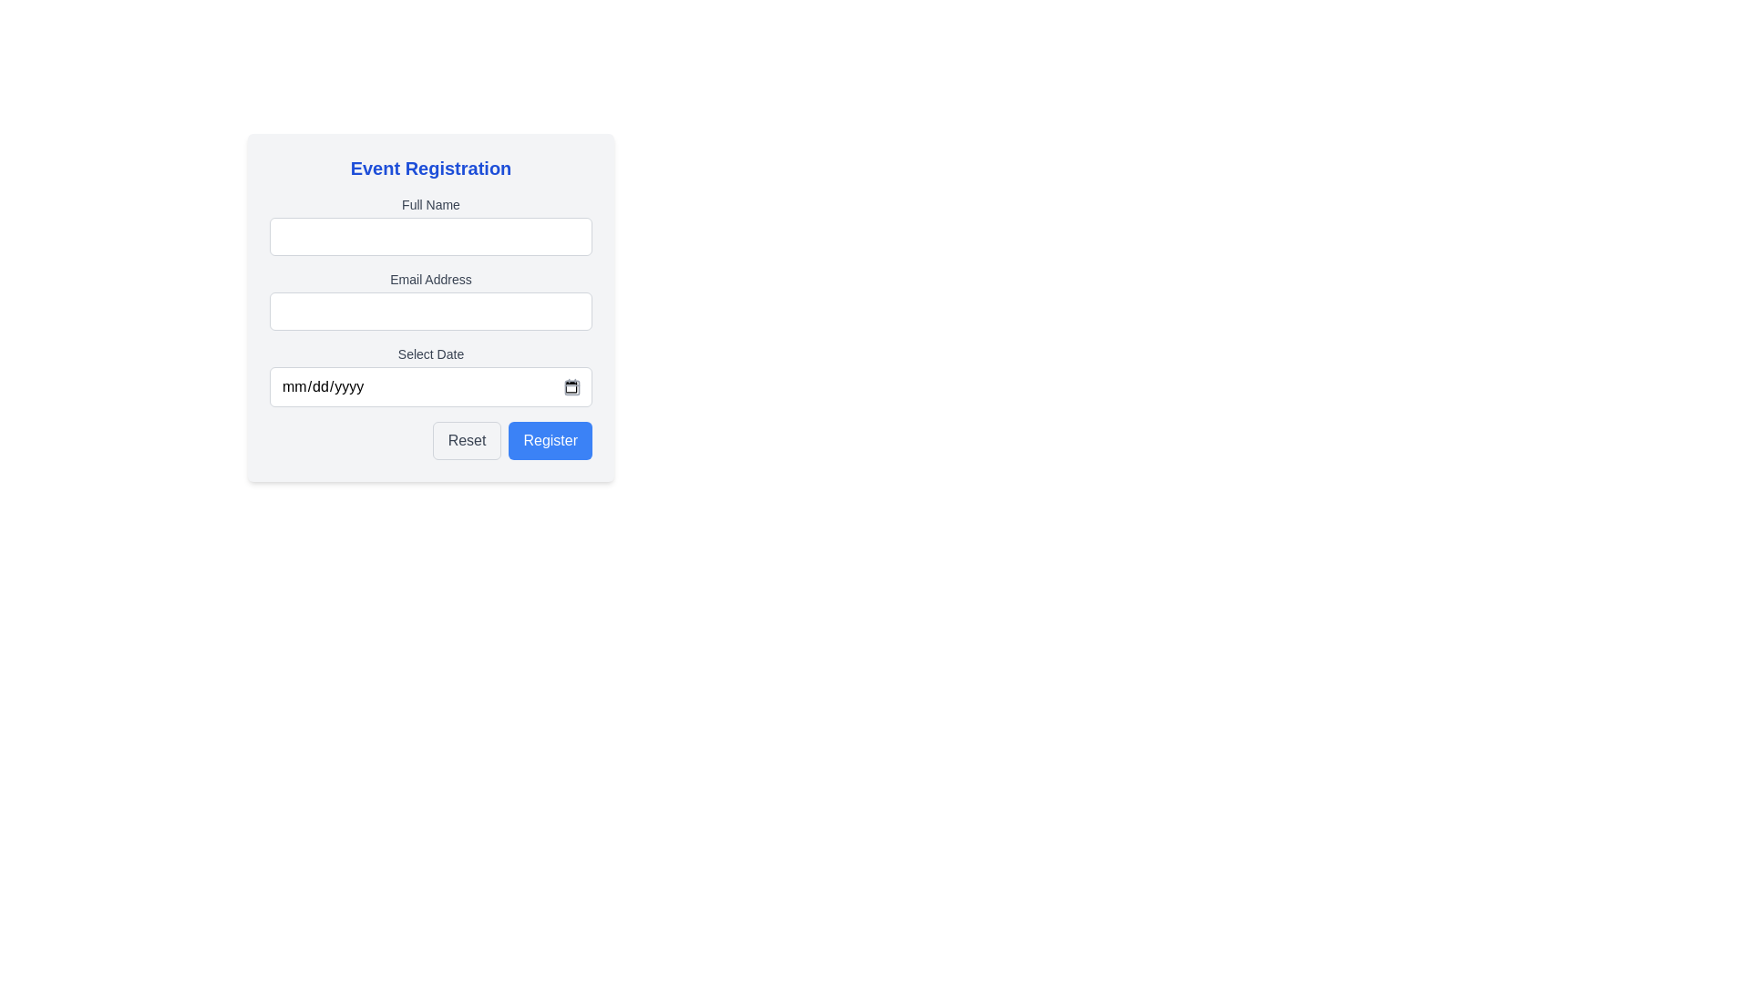 This screenshot has width=1750, height=984. What do you see at coordinates (571, 385) in the screenshot?
I see `the calendar icon button located to the right of the 'Select Date' input field in the registration form` at bounding box center [571, 385].